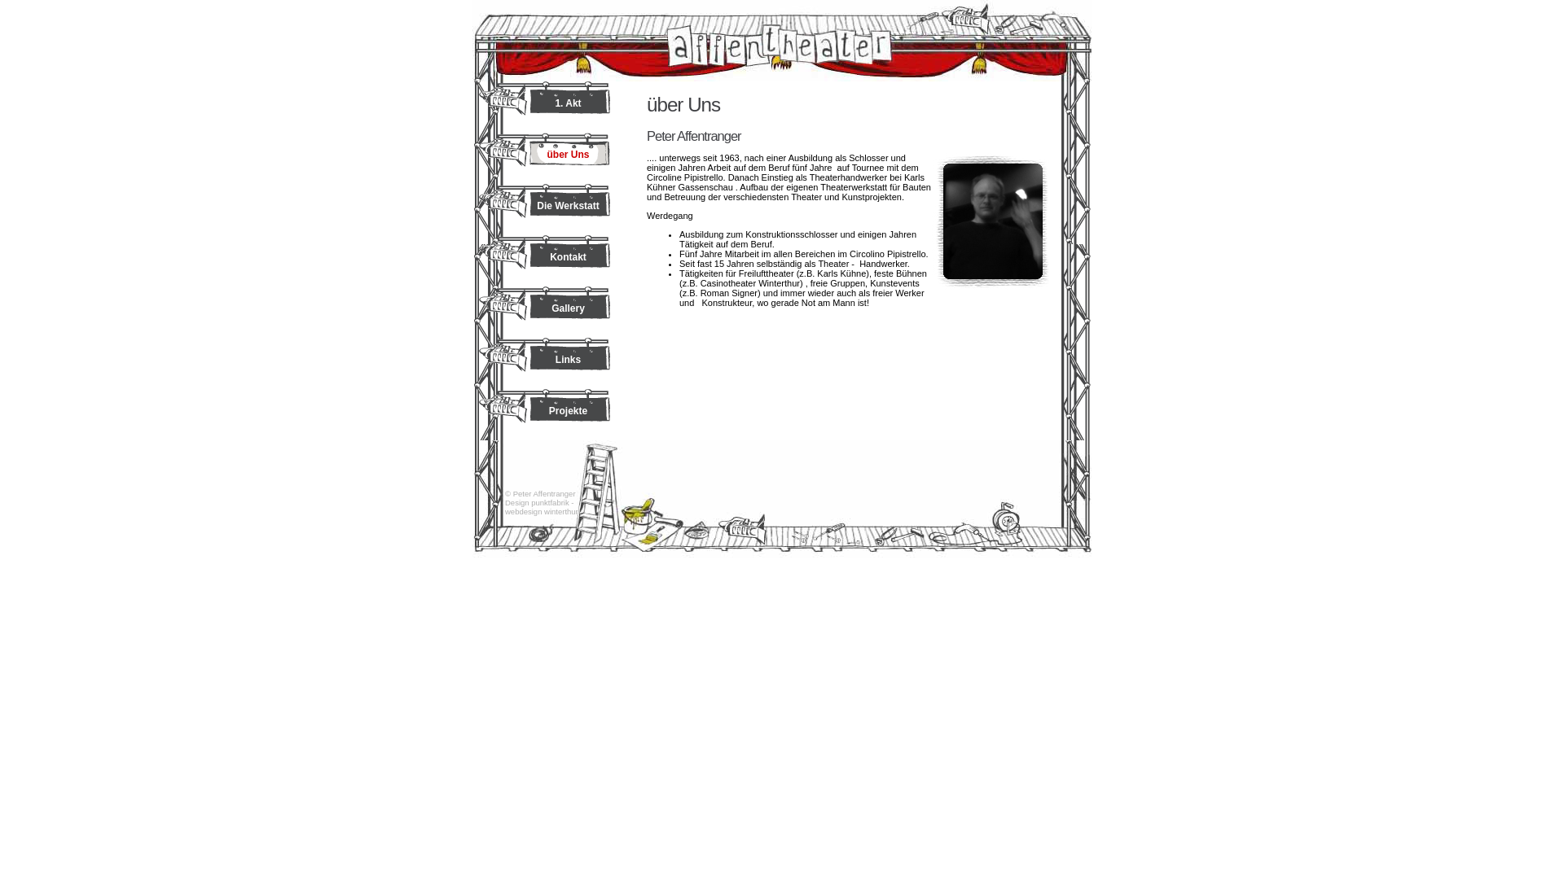 This screenshot has width=1564, height=879. I want to click on 'Kontakt', so click(544, 260).